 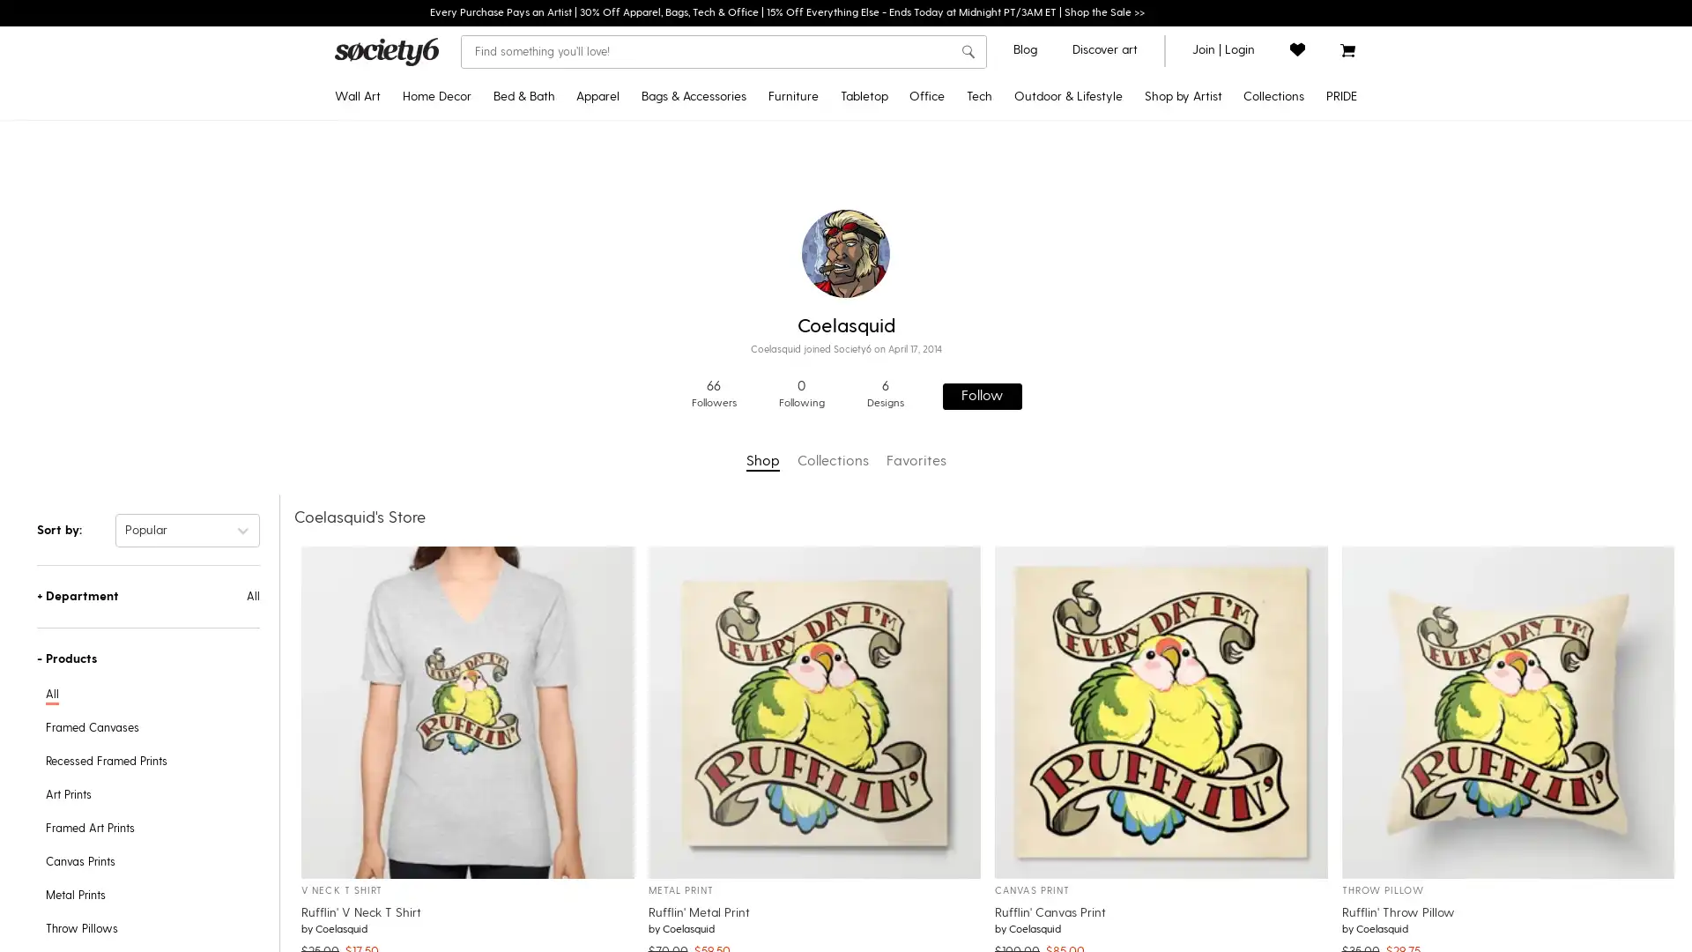 What do you see at coordinates (357, 97) in the screenshot?
I see `Wall Art` at bounding box center [357, 97].